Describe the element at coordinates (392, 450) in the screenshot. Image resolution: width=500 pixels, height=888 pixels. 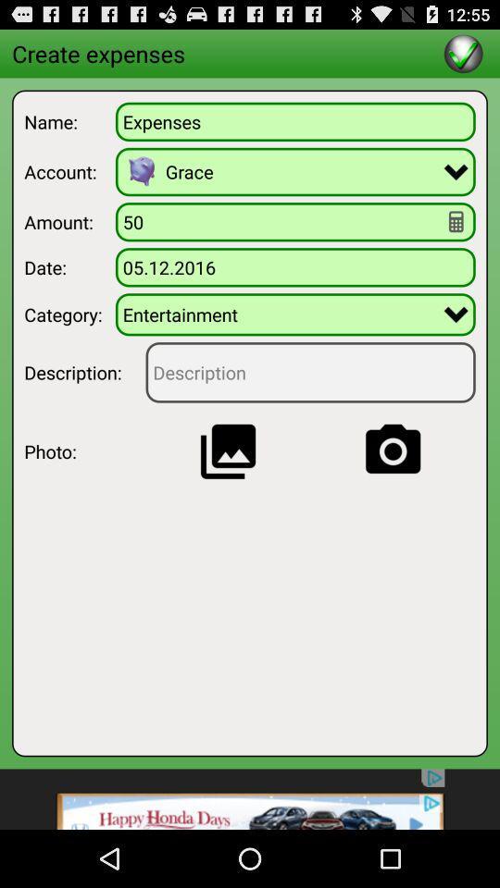
I see `camera button` at that location.